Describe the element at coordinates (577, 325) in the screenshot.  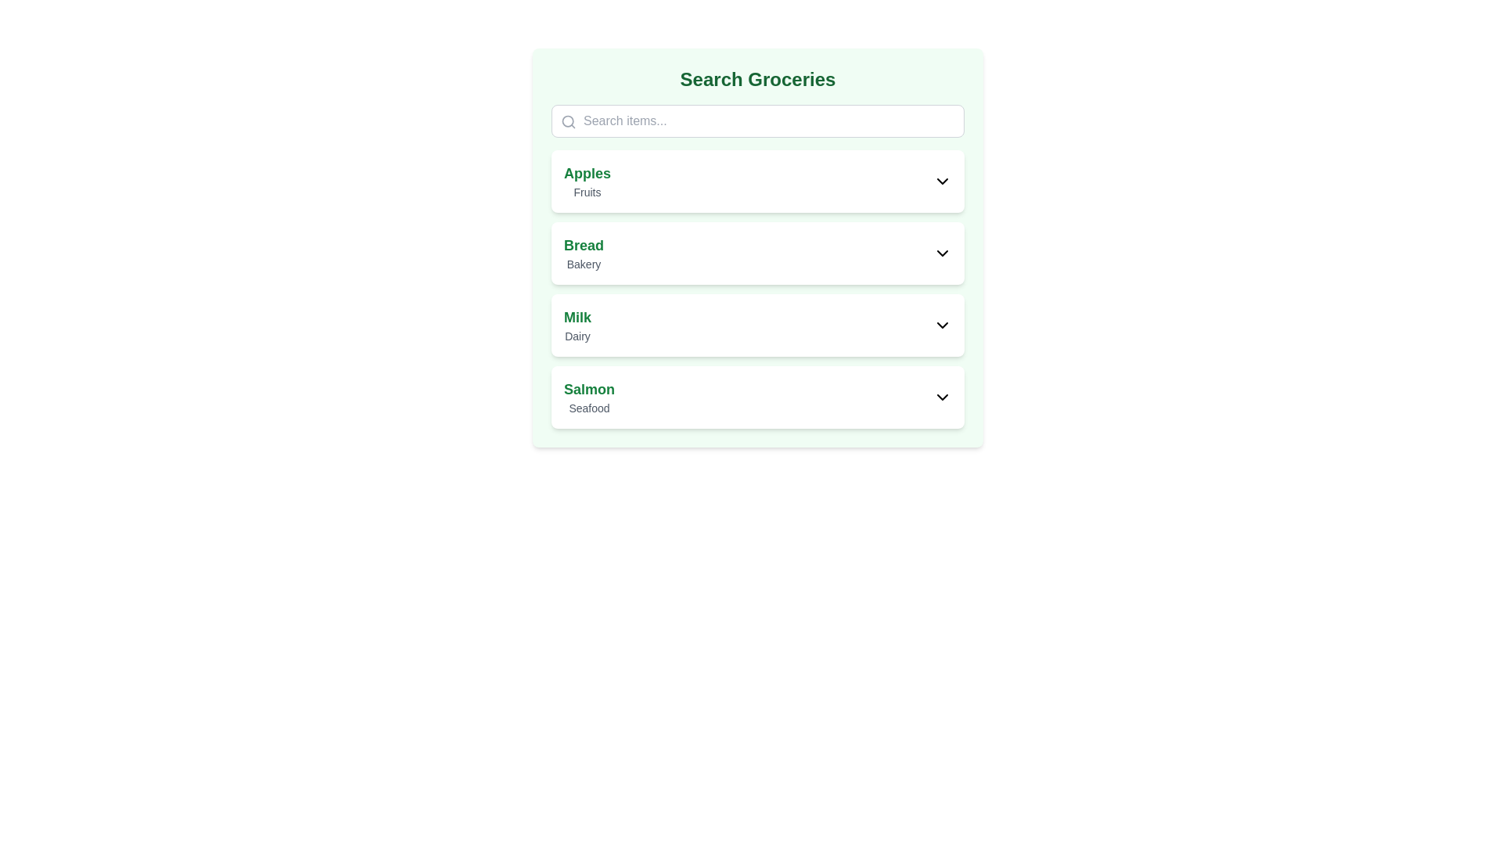
I see `the text label 'Milk' which is a descriptive label for the 'Dairy' category within the grocery list, positioned between 'Bread' and 'Salmon'` at that location.